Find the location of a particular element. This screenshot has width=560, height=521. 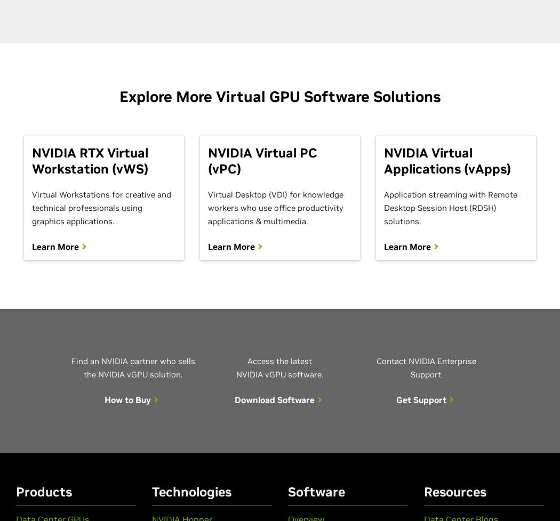

'Explore More Virtual GPU Software Solutions' is located at coordinates (279, 96).